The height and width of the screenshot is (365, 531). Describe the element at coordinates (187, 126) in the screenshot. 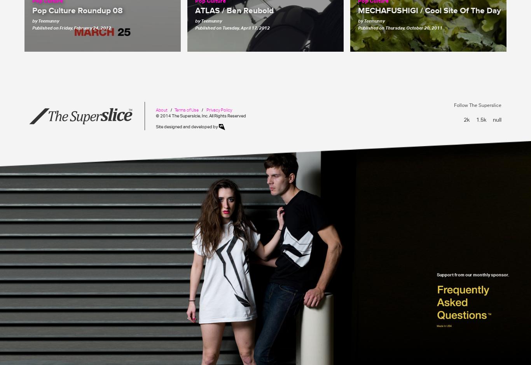

I see `'Site designed and developed by'` at that location.